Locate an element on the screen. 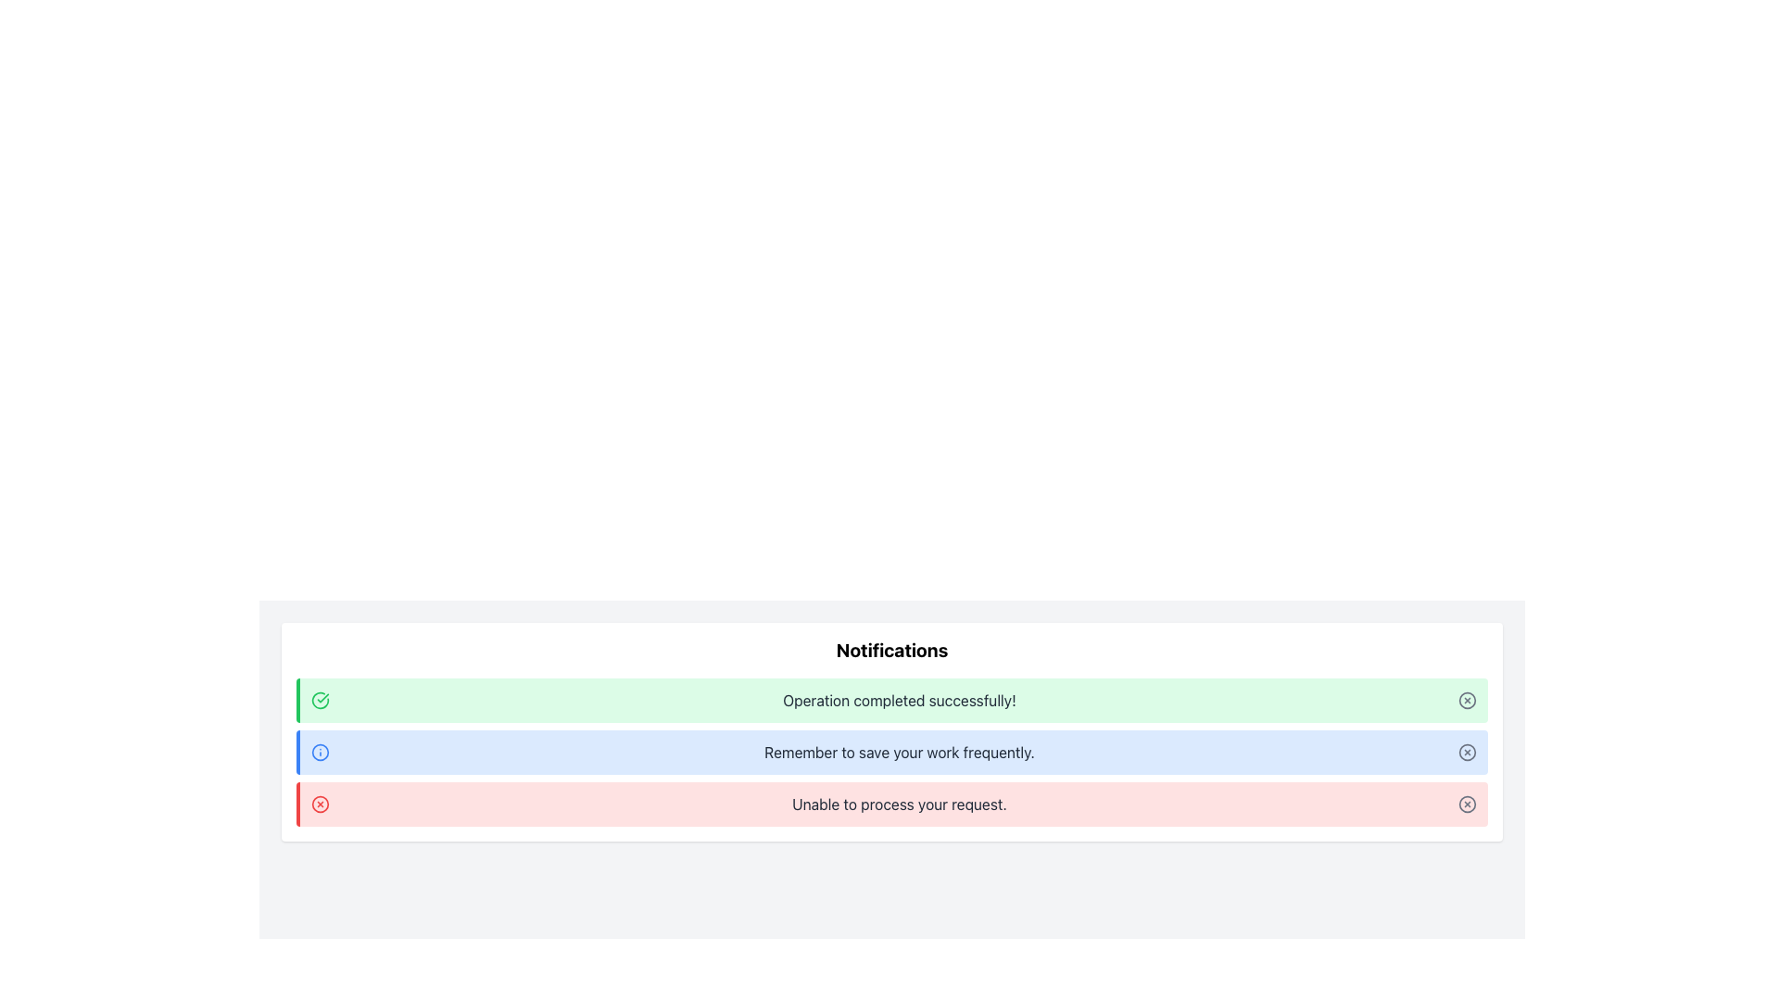  the text label stating 'Operation completed successfully!' displayed in black font on a green background in the uppermost notification section is located at coordinates (899, 701).